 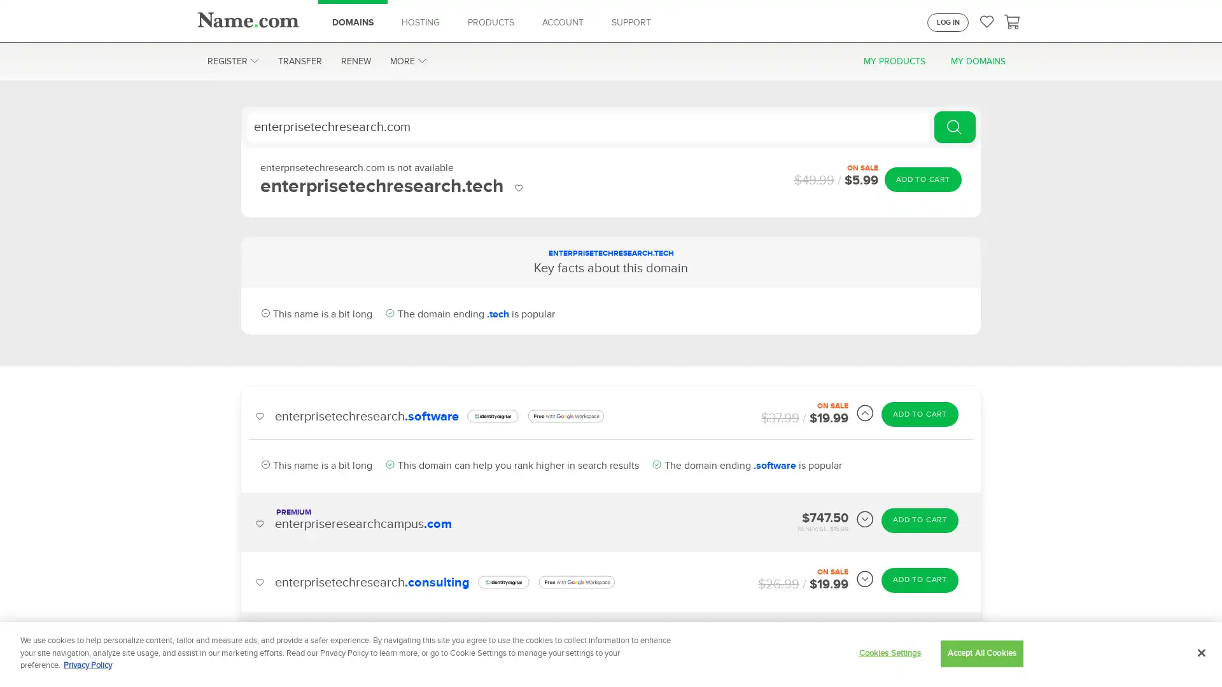 What do you see at coordinates (888, 653) in the screenshot?
I see `Cookies Settings` at bounding box center [888, 653].